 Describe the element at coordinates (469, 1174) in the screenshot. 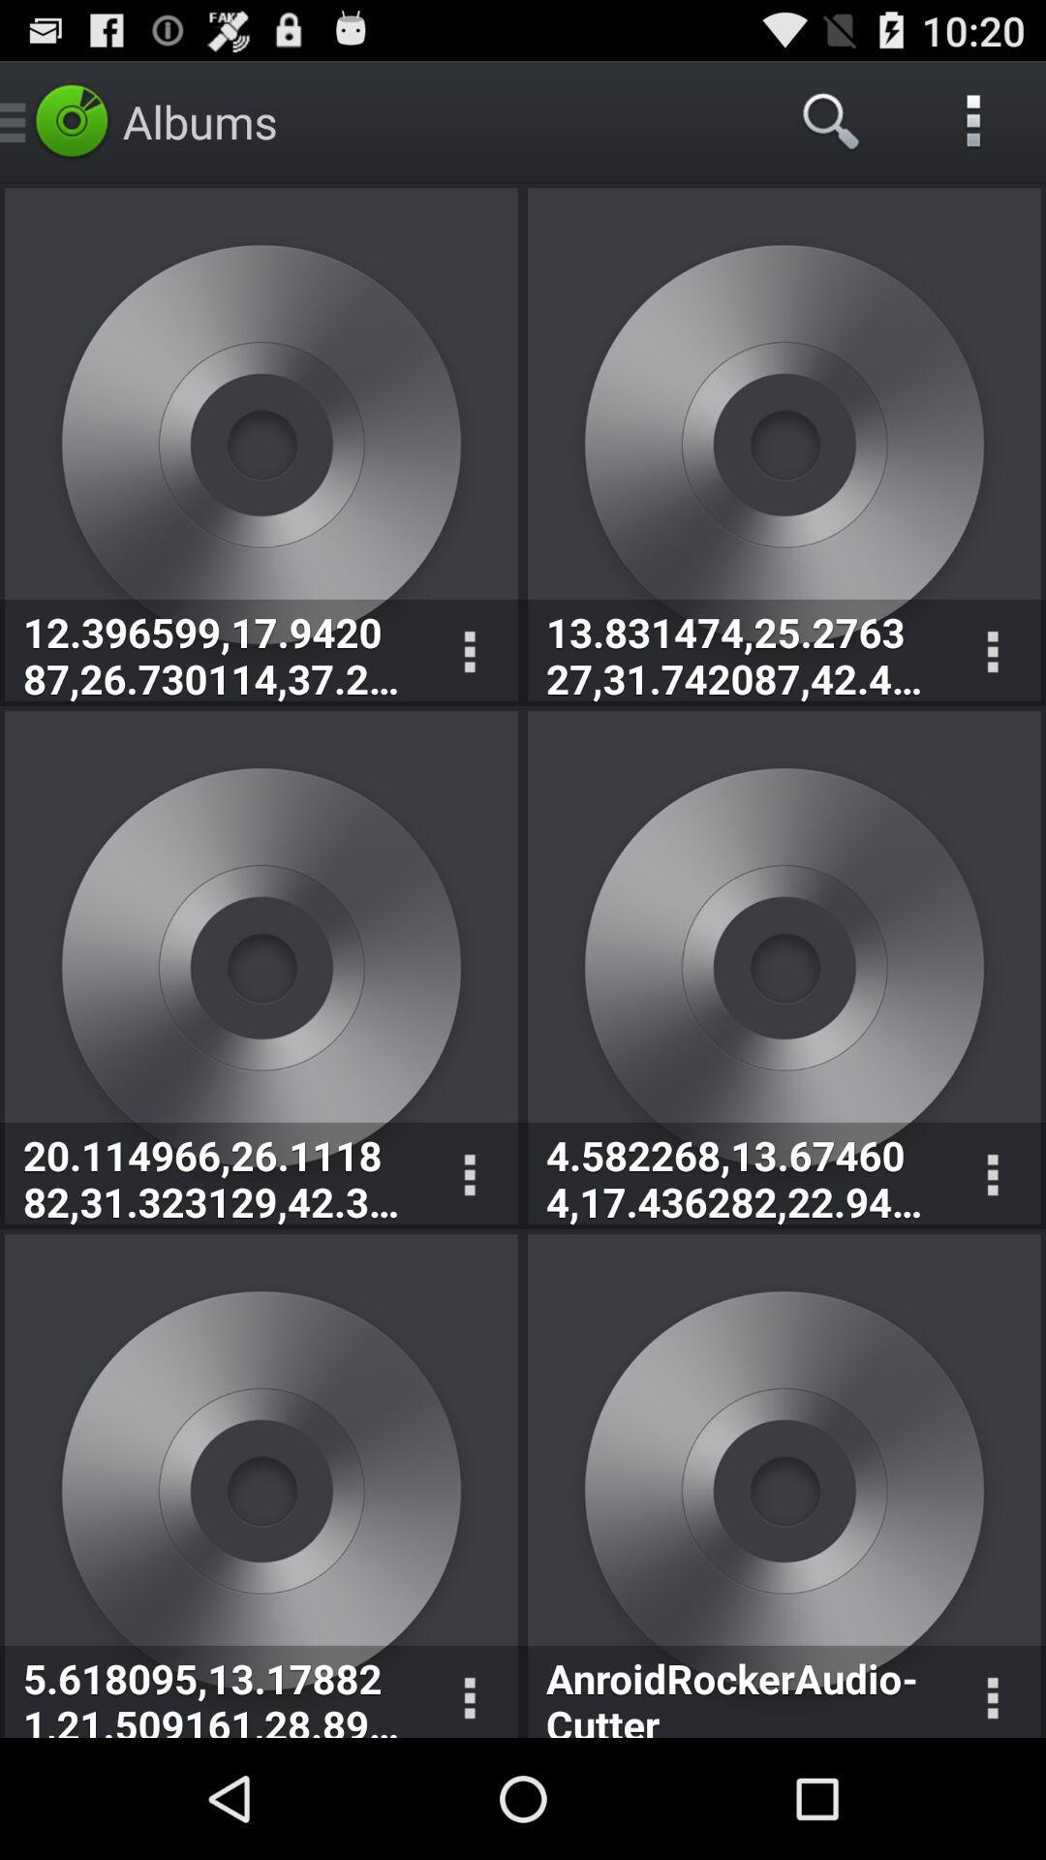

I see `settings` at that location.